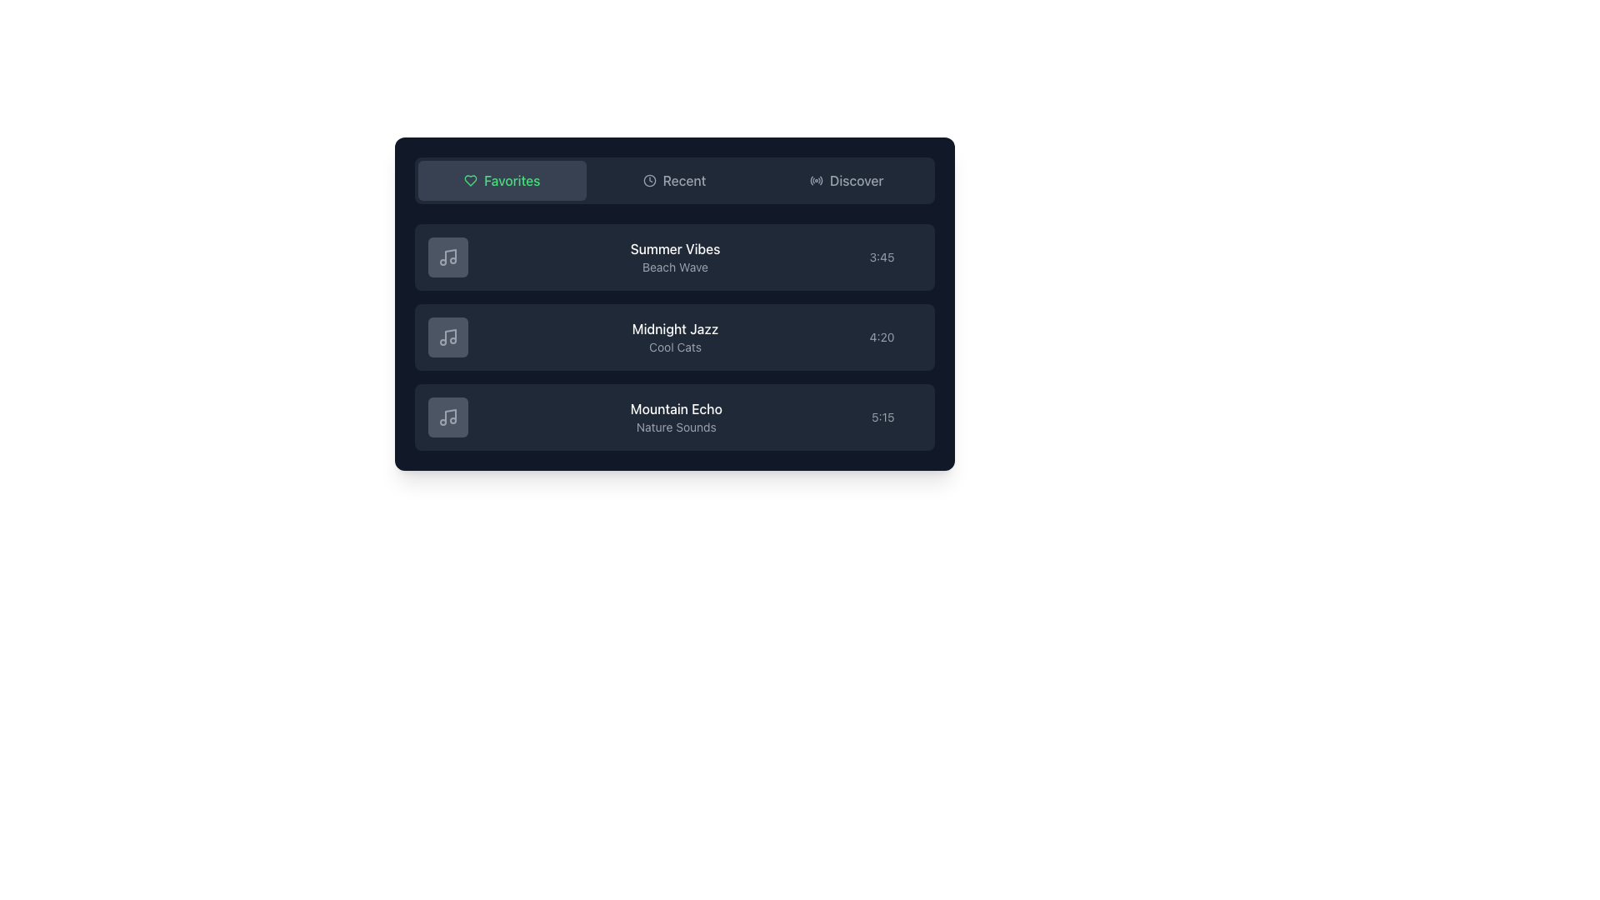 The width and height of the screenshot is (1600, 900). What do you see at coordinates (675, 257) in the screenshot?
I see `the Text label that provides the title and subtitle of a selectable item, located in the second row of a list-like structure, centrally positioned with an icon on the left and a time display on the right` at bounding box center [675, 257].